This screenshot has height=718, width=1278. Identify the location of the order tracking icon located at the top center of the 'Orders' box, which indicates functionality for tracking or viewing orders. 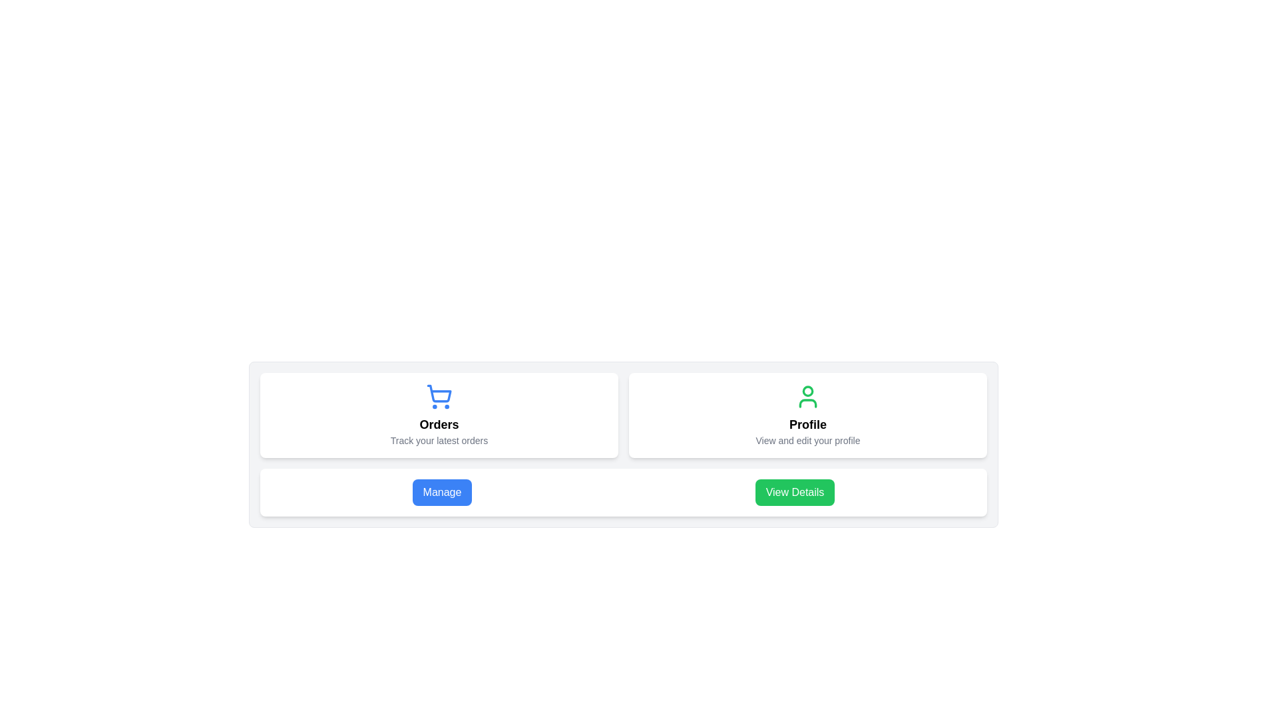
(439, 396).